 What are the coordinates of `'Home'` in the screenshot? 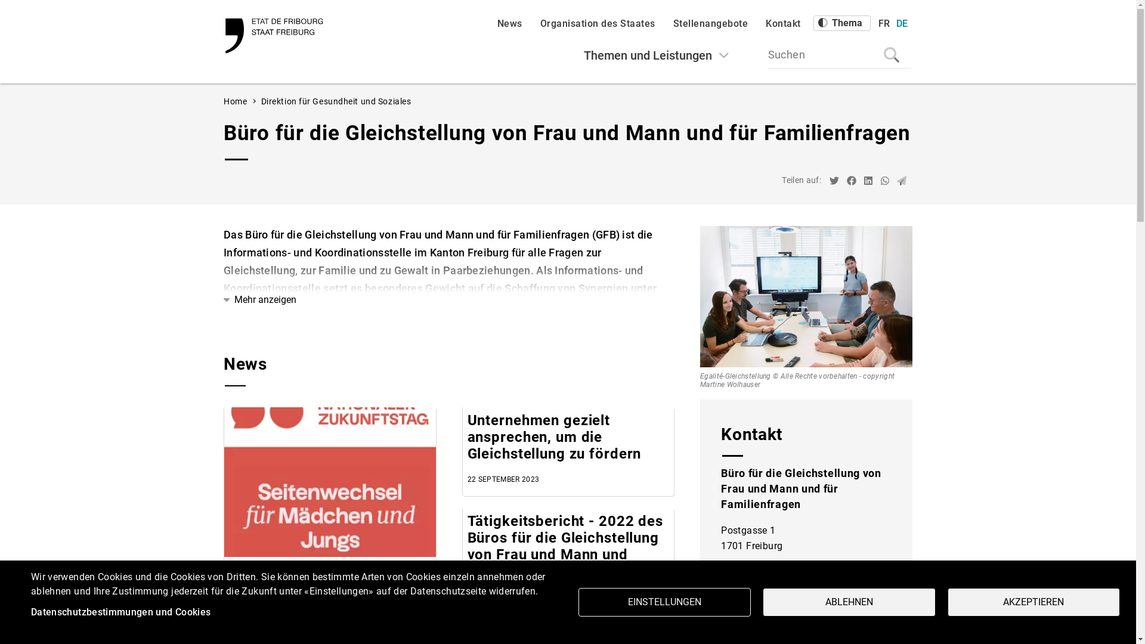 It's located at (235, 100).